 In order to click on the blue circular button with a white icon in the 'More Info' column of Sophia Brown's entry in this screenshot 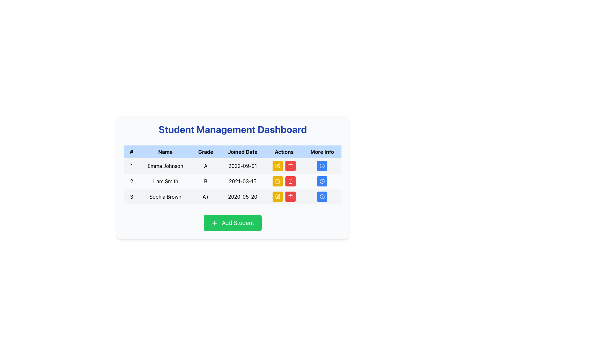, I will do `click(322, 196)`.